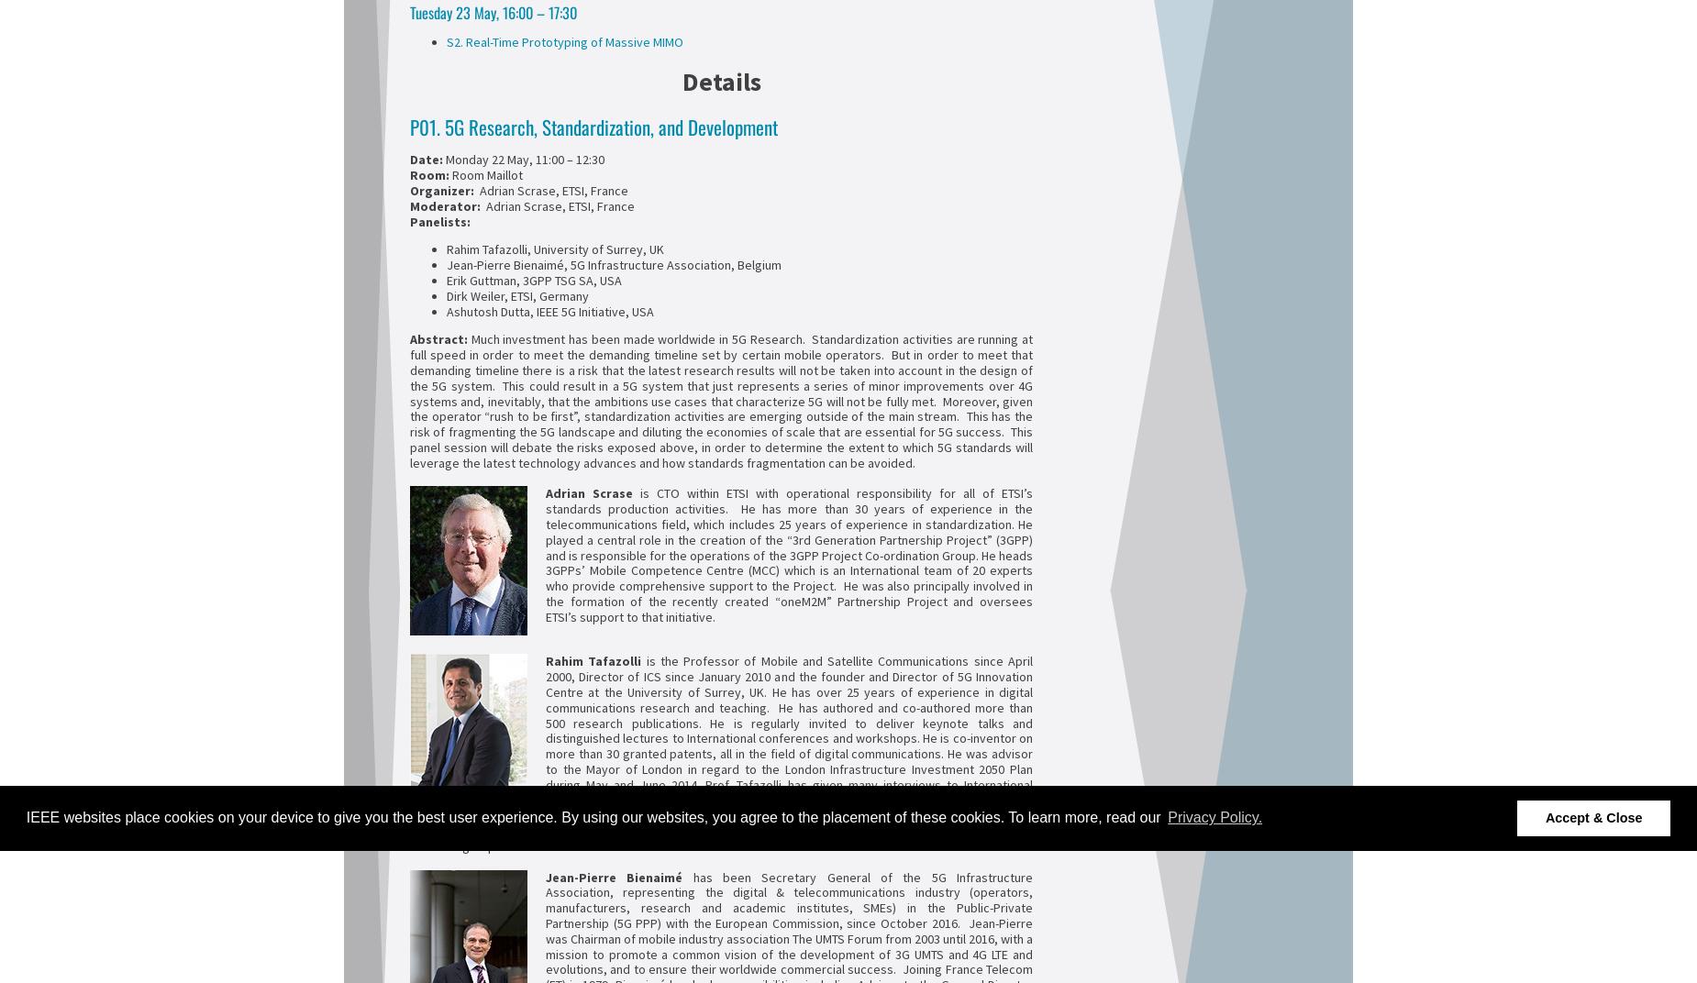 Image resolution: width=1697 pixels, height=983 pixels. What do you see at coordinates (549, 310) in the screenshot?
I see `'Ashutosh Dutta, IEEE 5G Initiative, USA'` at bounding box center [549, 310].